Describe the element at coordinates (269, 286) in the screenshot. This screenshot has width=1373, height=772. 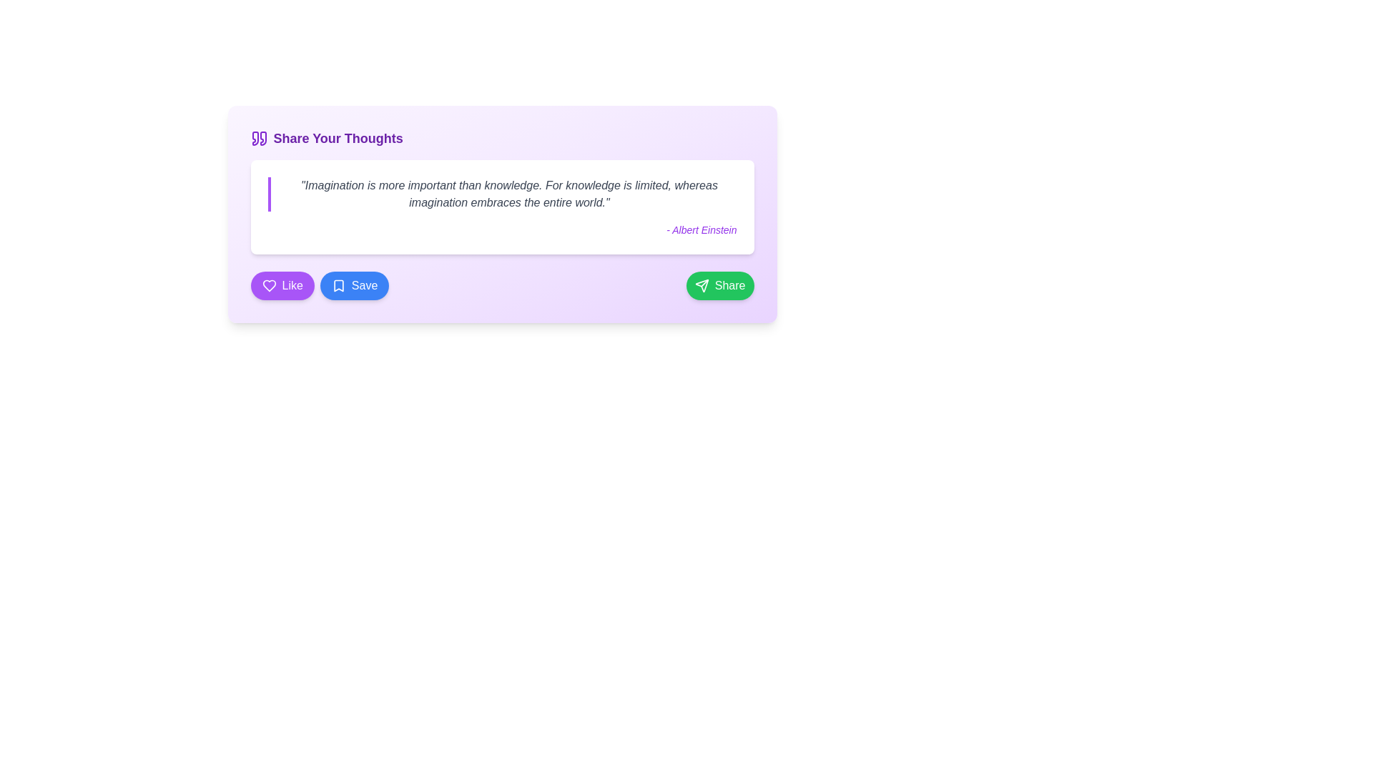
I see `the Heart shape icon representing the 'Like' action for accessibility interactions` at that location.